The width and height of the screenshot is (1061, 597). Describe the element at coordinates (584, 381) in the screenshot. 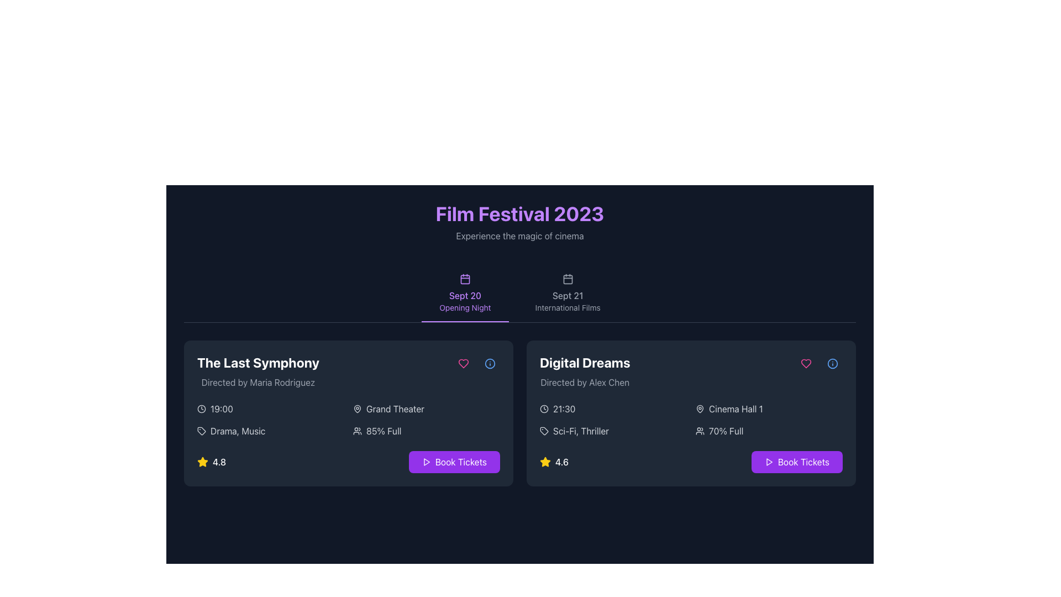

I see `the text label reading 'Directed by Alex Chen', which is styled in gray and located below the title 'Digital Dreams'` at that location.